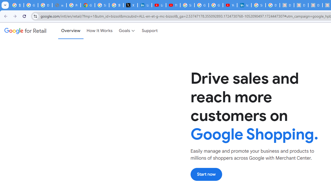 This screenshot has height=186, width=331. What do you see at coordinates (258, 5) in the screenshot?
I see `'Sign in - Google Accounts'` at bounding box center [258, 5].